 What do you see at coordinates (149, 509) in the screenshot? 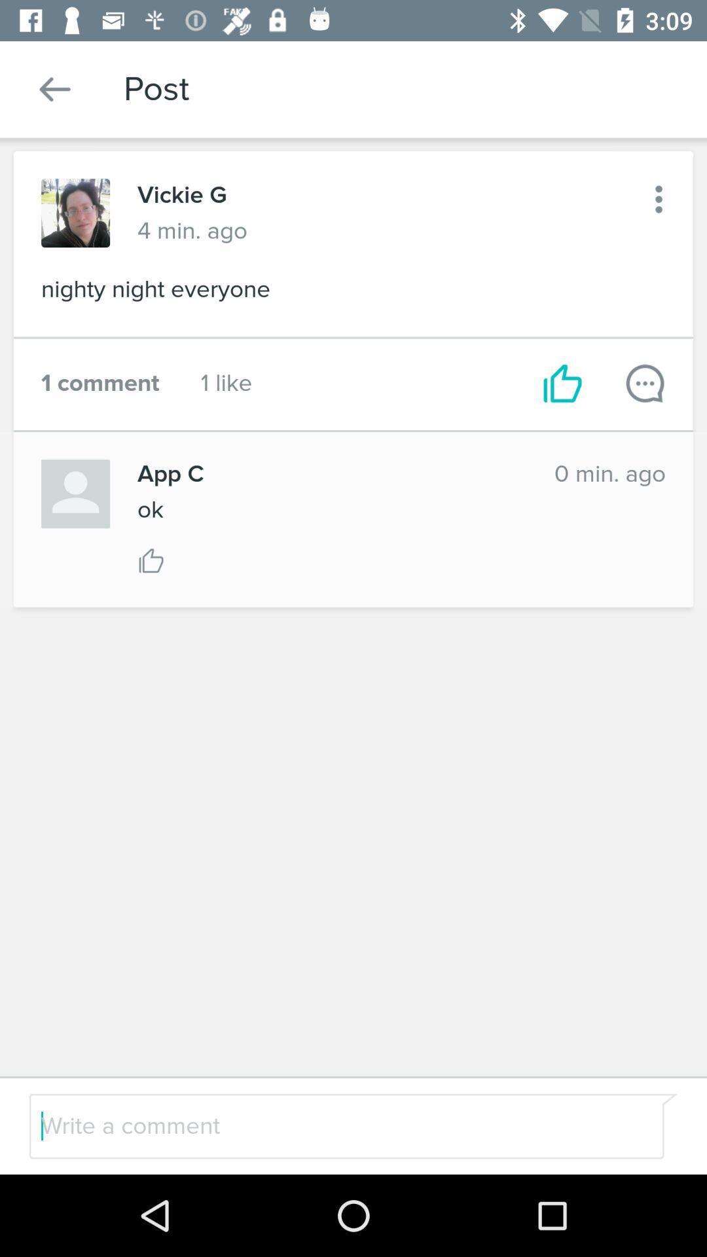
I see `the icon below app c` at bounding box center [149, 509].